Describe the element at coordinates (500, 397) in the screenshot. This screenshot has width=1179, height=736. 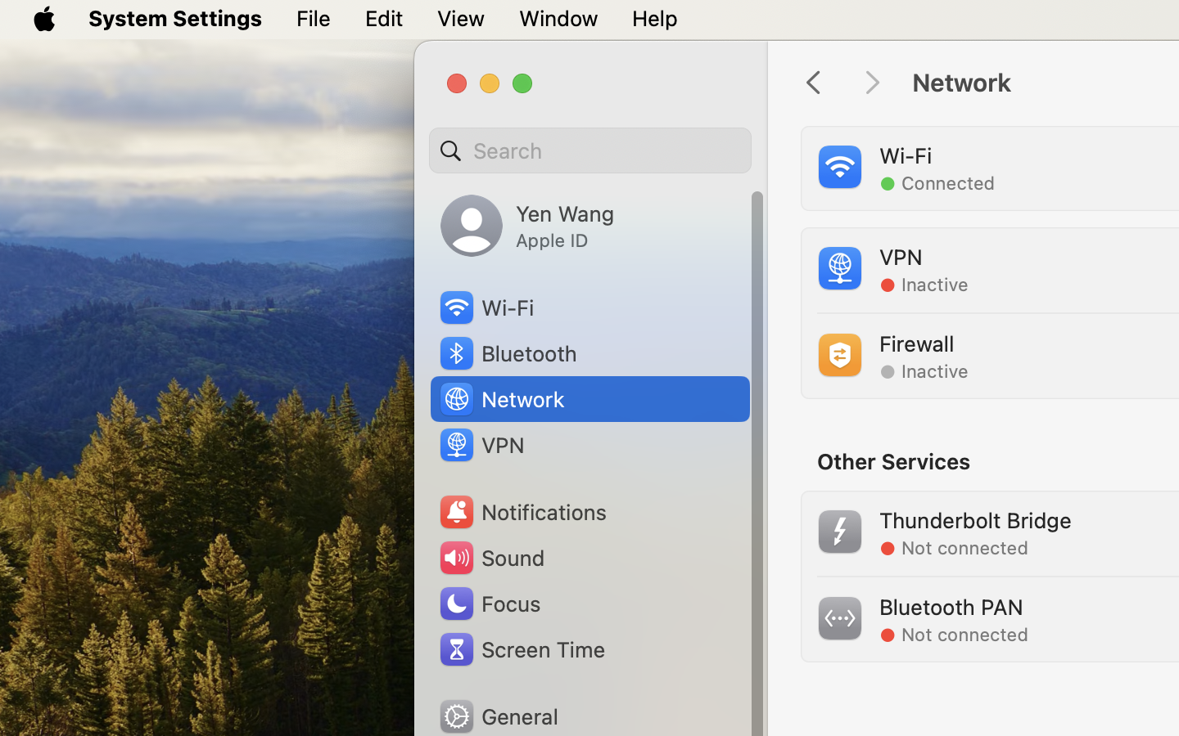
I see `'Network'` at that location.